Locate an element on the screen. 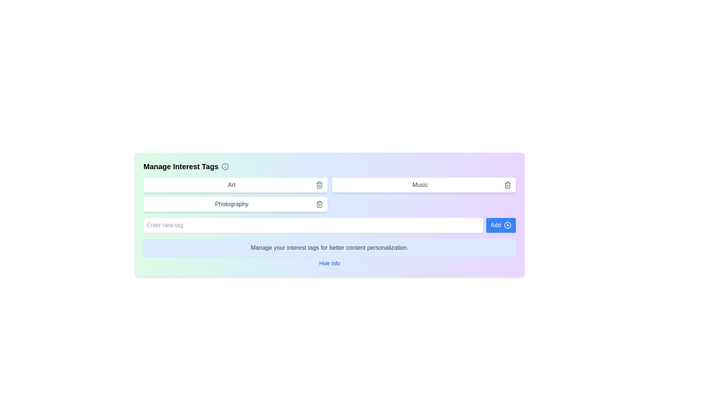 The height and width of the screenshot is (399, 710). the text label displaying 'Manage your interest tags for better content personalization.' which has a light blue background and gray text, located above the 'Hide Info' link is located at coordinates (329, 248).